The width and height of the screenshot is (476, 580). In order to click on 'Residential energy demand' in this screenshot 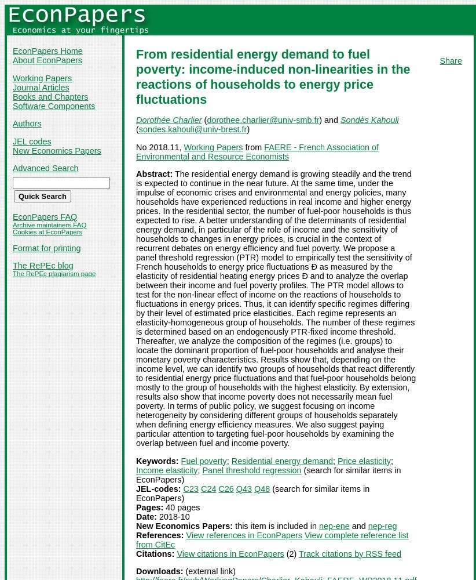, I will do `click(281, 461)`.